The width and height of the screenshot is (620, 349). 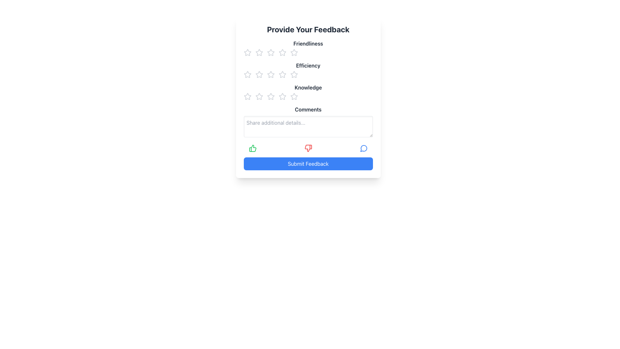 What do you see at coordinates (308, 29) in the screenshot?
I see `the Text header element at the top of the feedback form, which indicates the purpose of the form` at bounding box center [308, 29].